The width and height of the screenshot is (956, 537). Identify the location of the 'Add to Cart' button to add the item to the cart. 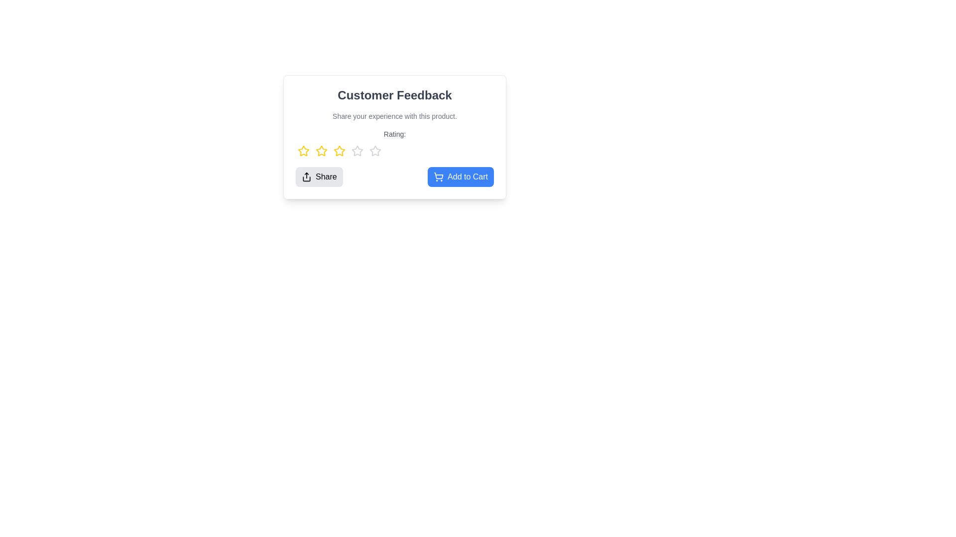
(460, 176).